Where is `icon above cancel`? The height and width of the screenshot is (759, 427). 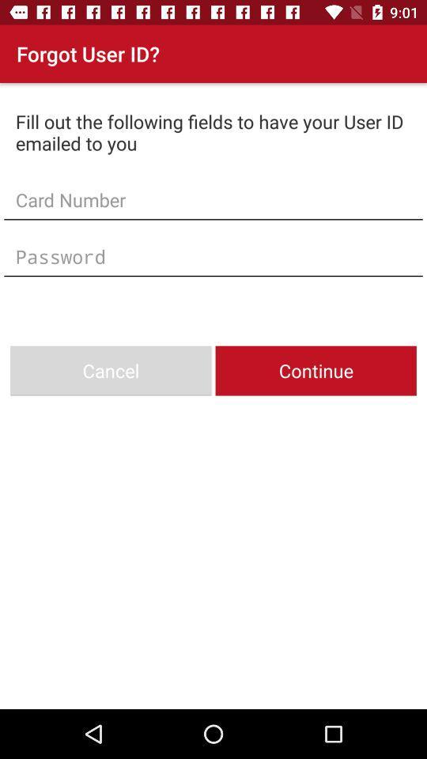
icon above cancel is located at coordinates (213, 256).